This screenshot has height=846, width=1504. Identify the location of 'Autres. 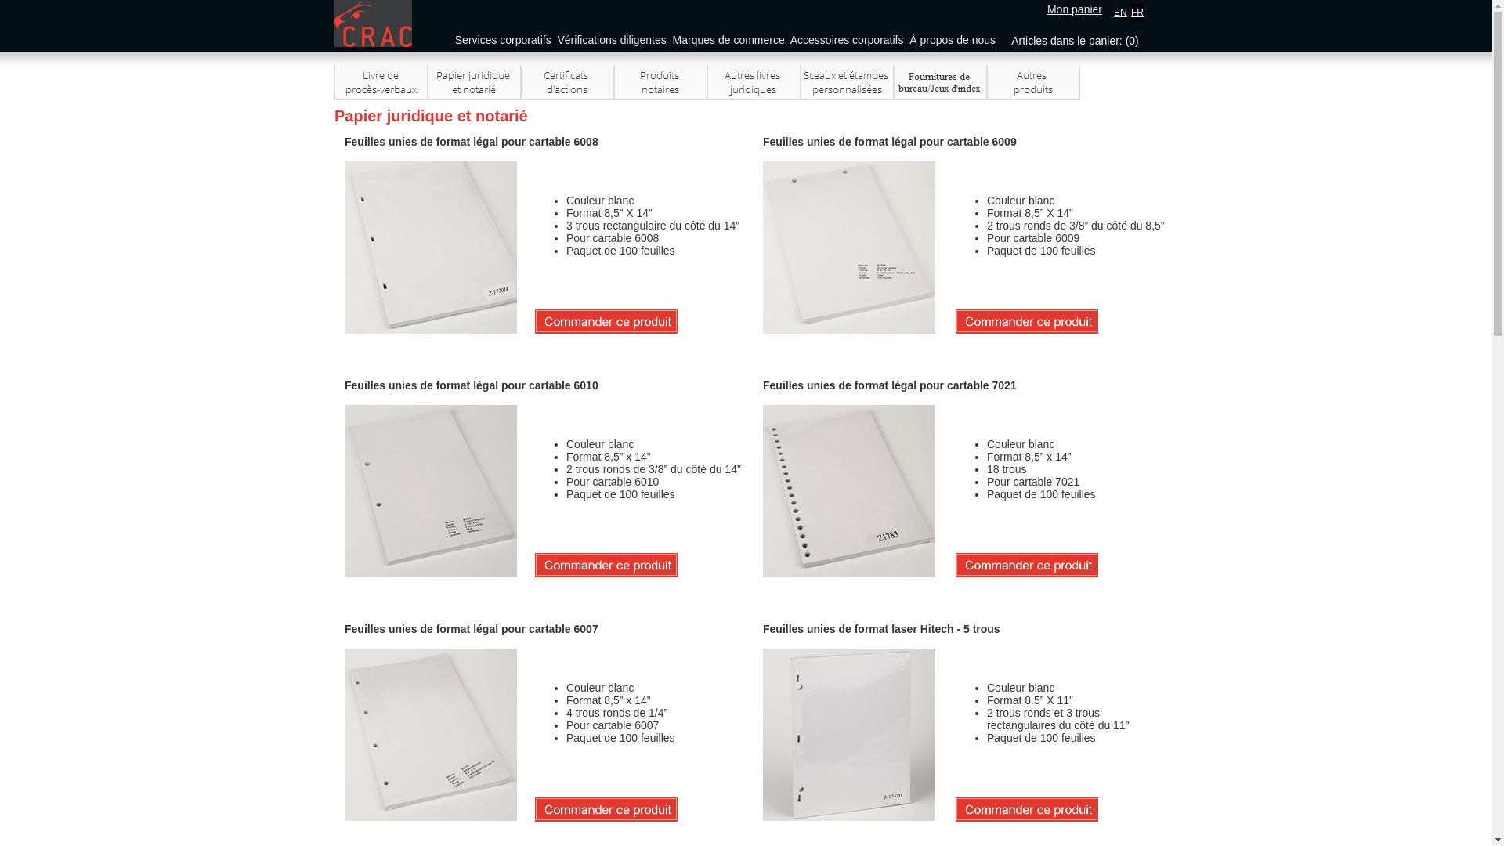
(1033, 82).